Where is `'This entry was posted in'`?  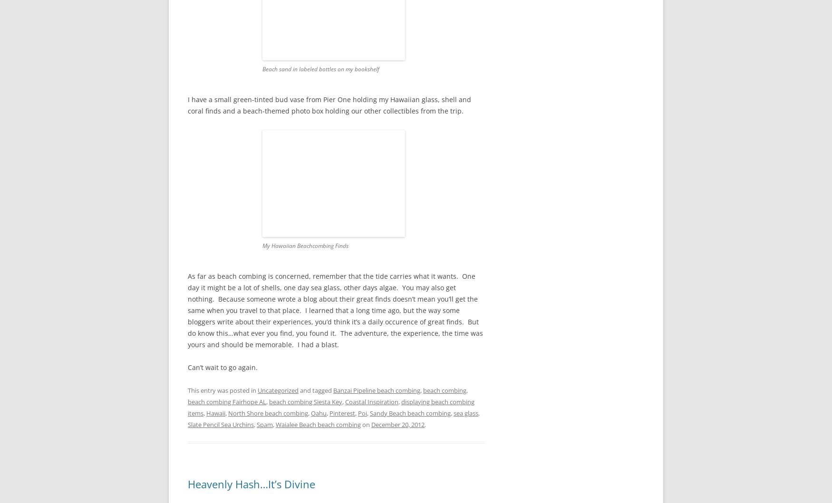
'This entry was posted in' is located at coordinates (223, 389).